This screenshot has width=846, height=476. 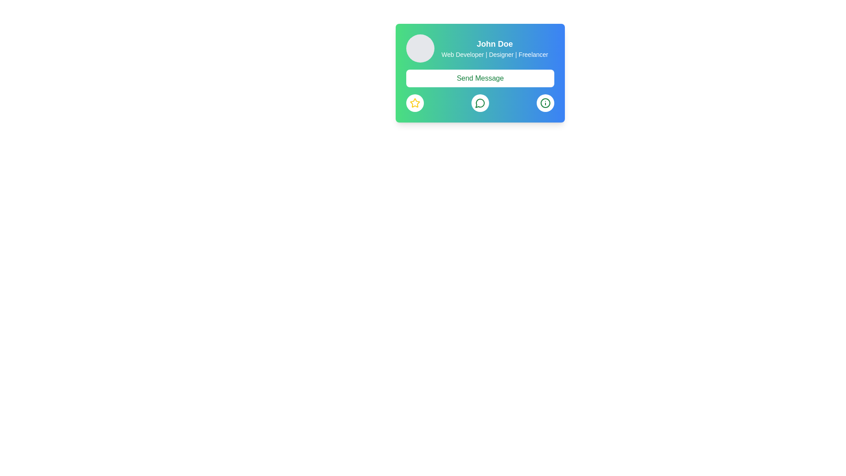 I want to click on the yellow star icon button, which is the first circular button at the bottom-left corner of the main card component, so click(x=414, y=103).